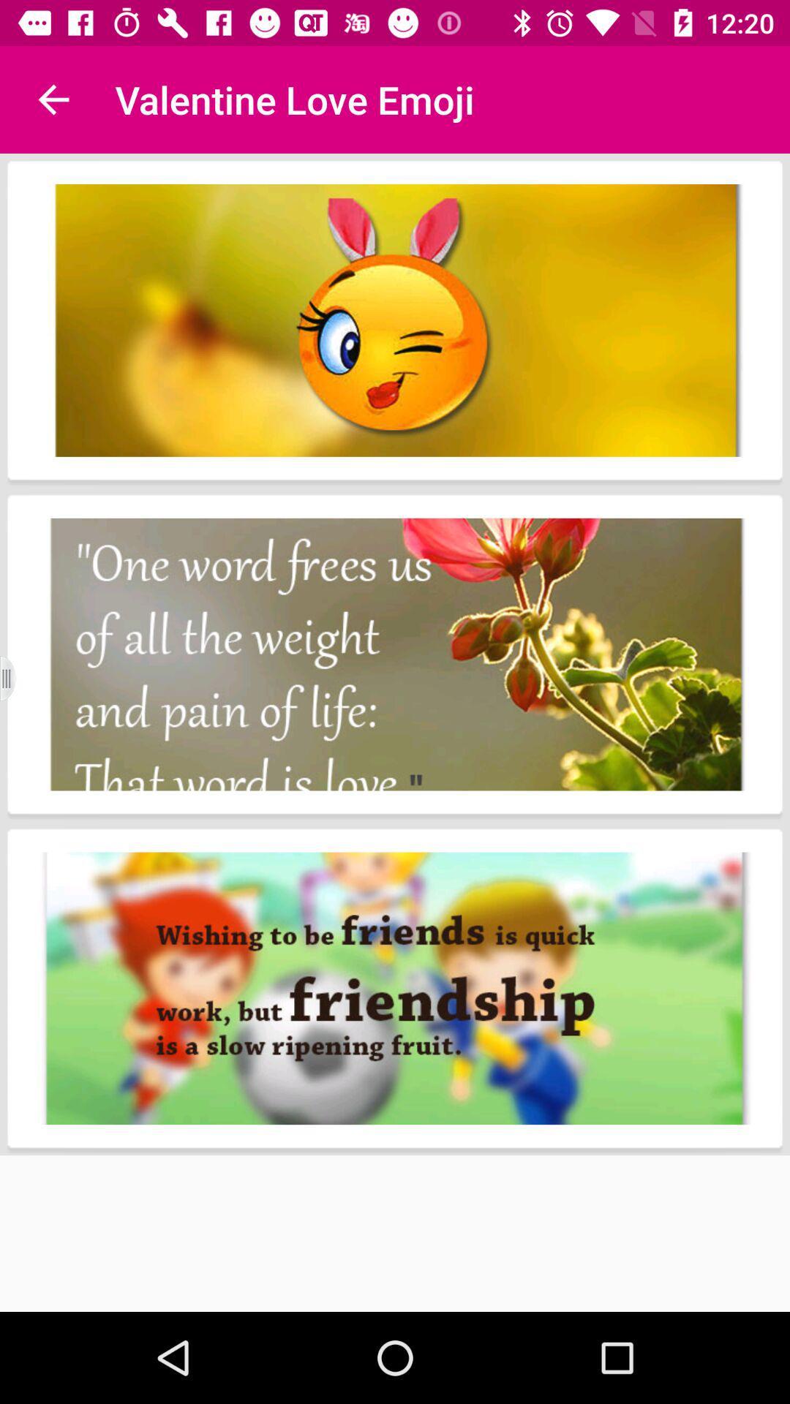  Describe the element at coordinates (53, 99) in the screenshot. I see `the item at the top left corner` at that location.